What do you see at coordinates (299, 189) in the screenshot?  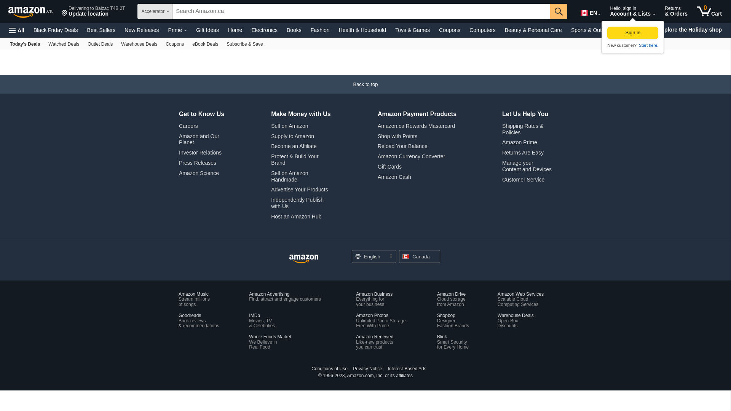 I see `'Advertise Your Products'` at bounding box center [299, 189].